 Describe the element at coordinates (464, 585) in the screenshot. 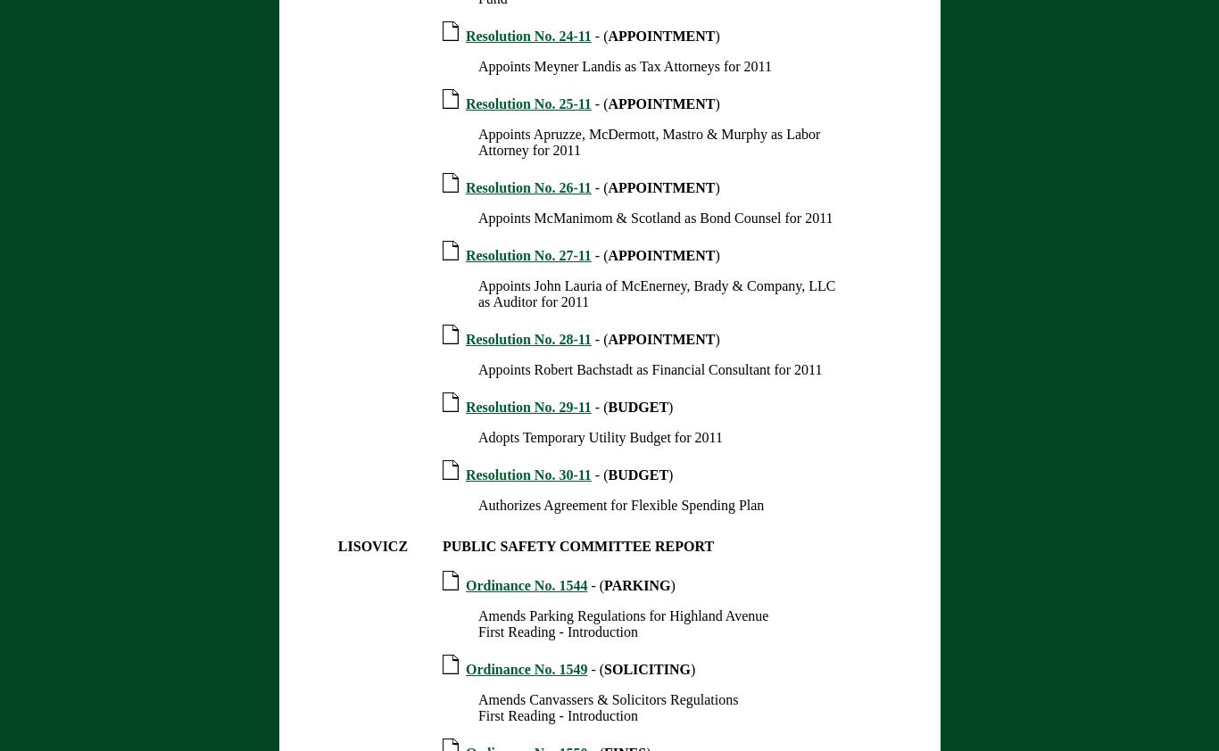

I see `'Ordinance   No.     1544'` at that location.